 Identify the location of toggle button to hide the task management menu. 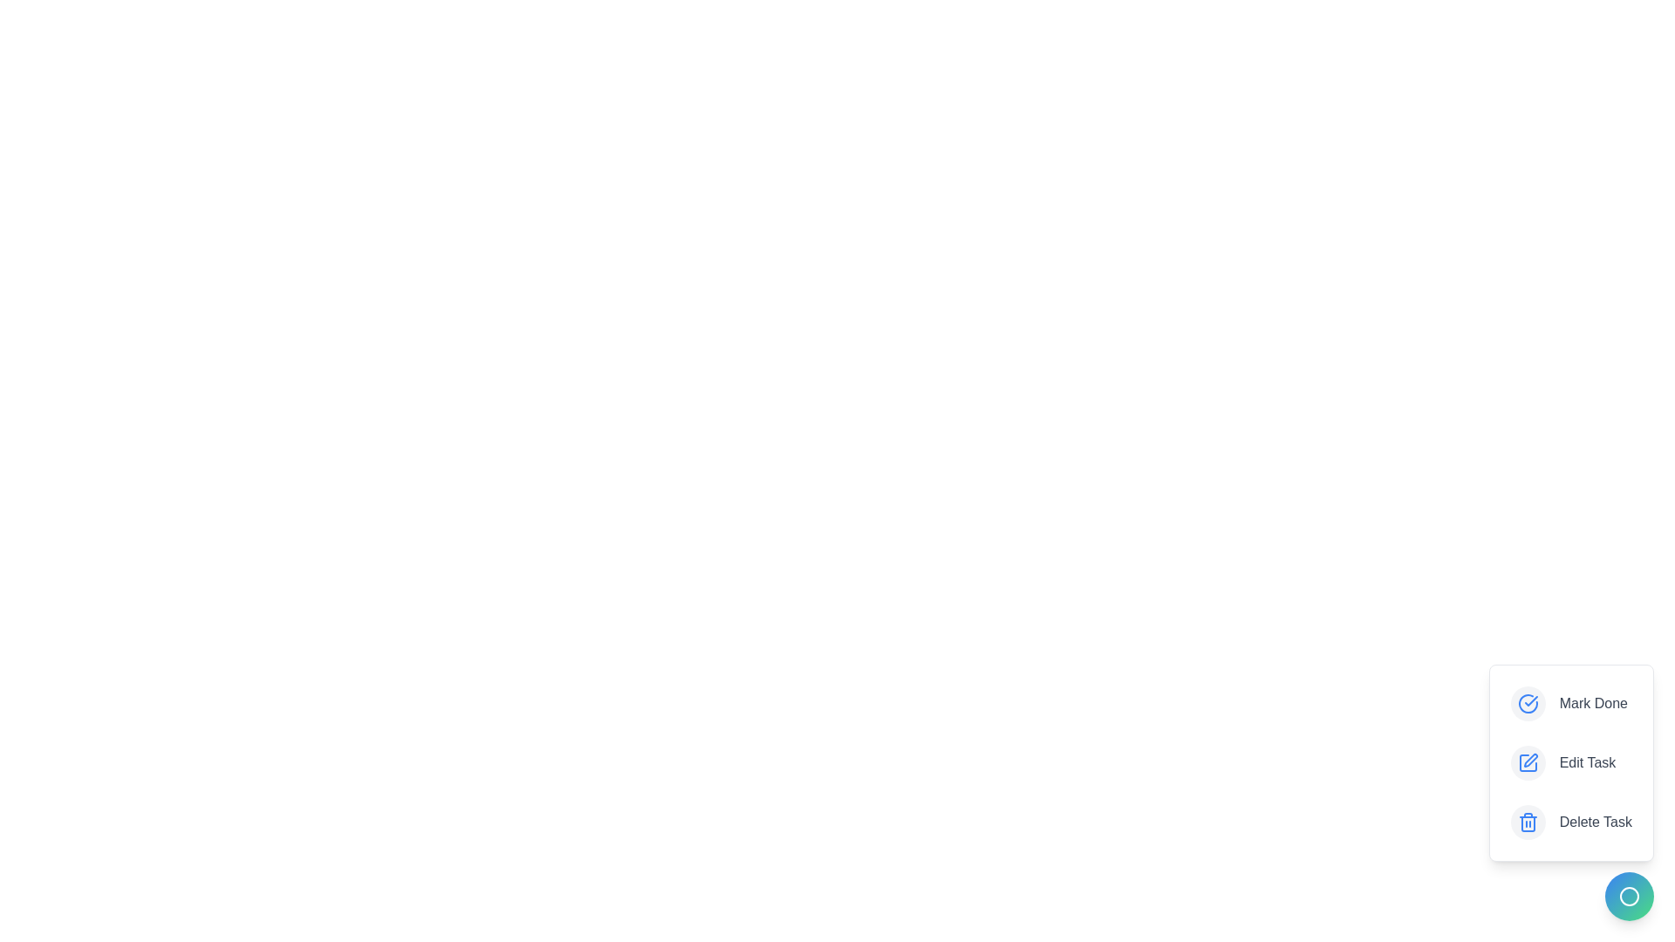
(1628, 897).